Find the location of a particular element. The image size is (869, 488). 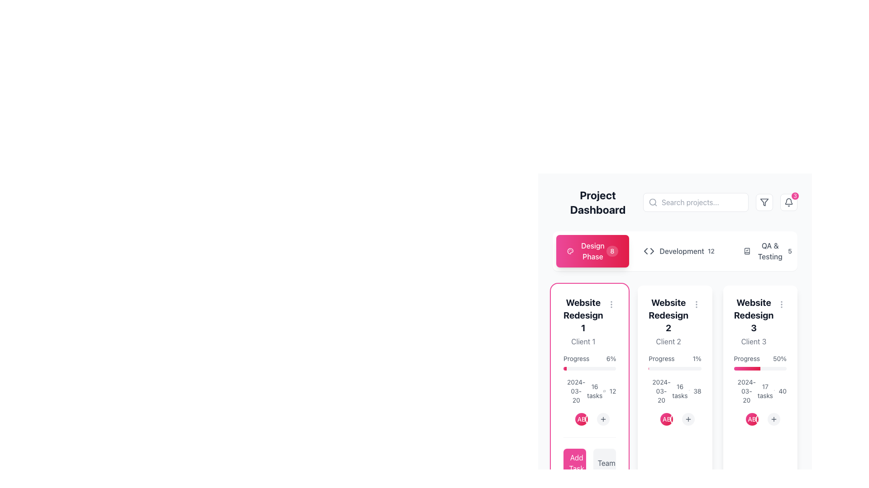

the static text label that displays the title or name associated with a project, located at the top left within a card-like section, above the 'Client 1' text element is located at coordinates (583, 315).